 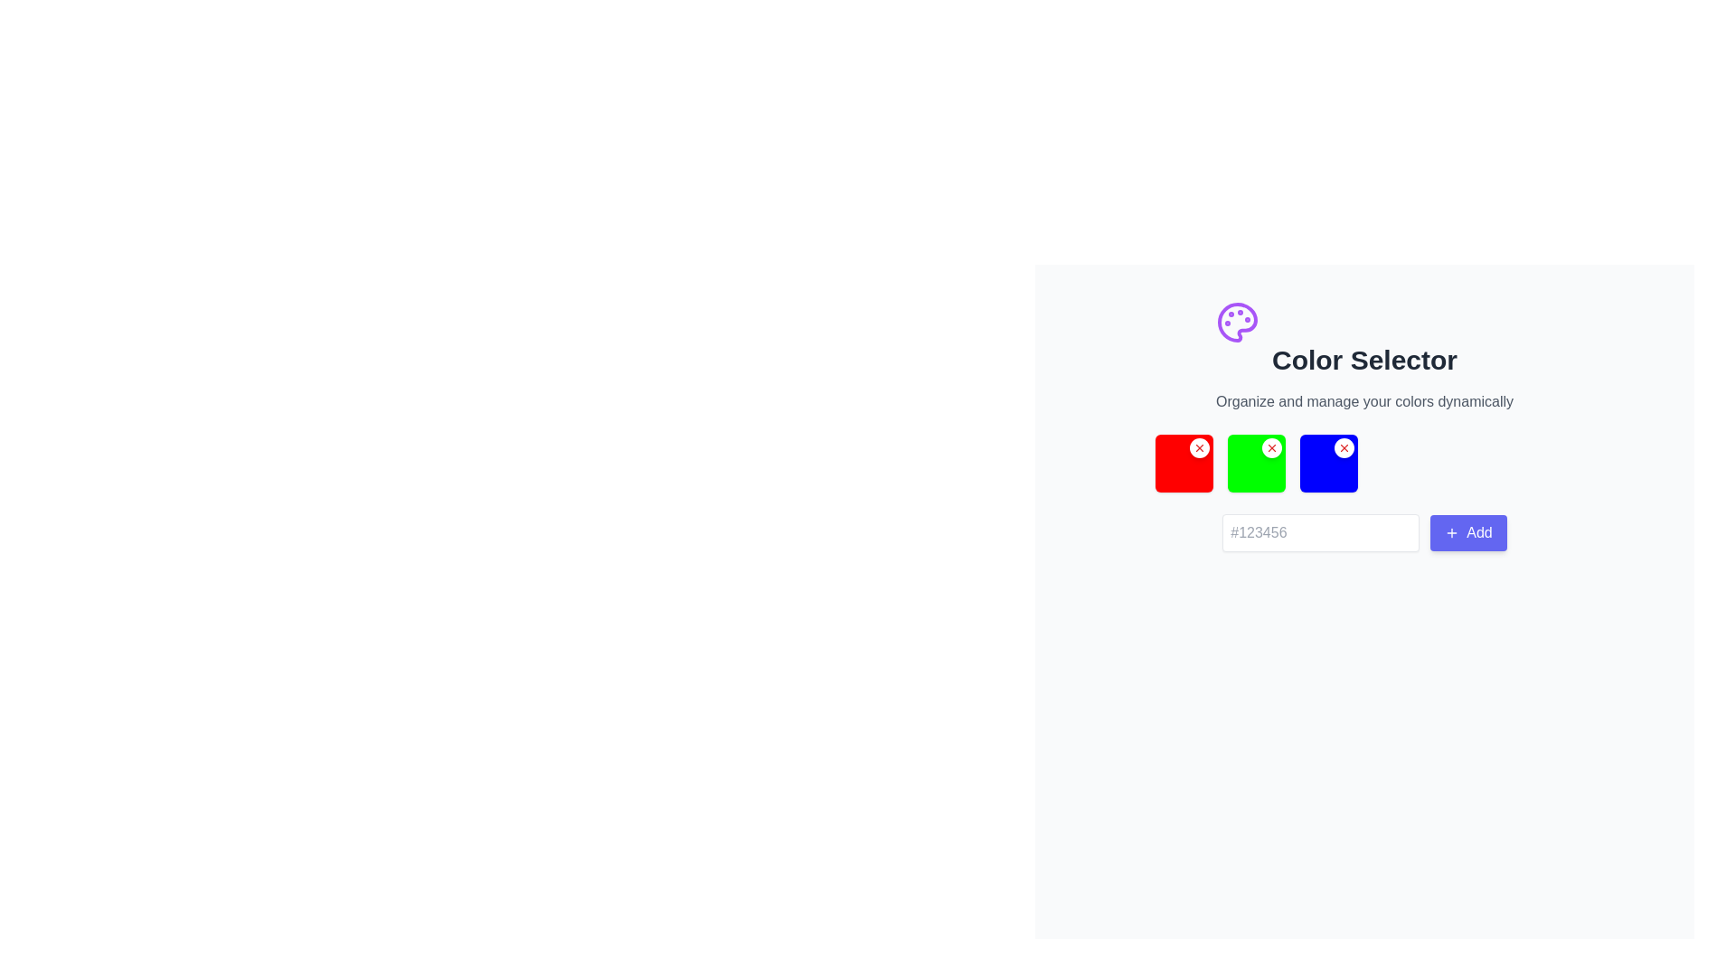 What do you see at coordinates (1364, 400) in the screenshot?
I see `the text label that reads 'Organize and manage your colors dynamically', which is styled in gray and positioned below the 'Color Selector' heading` at bounding box center [1364, 400].